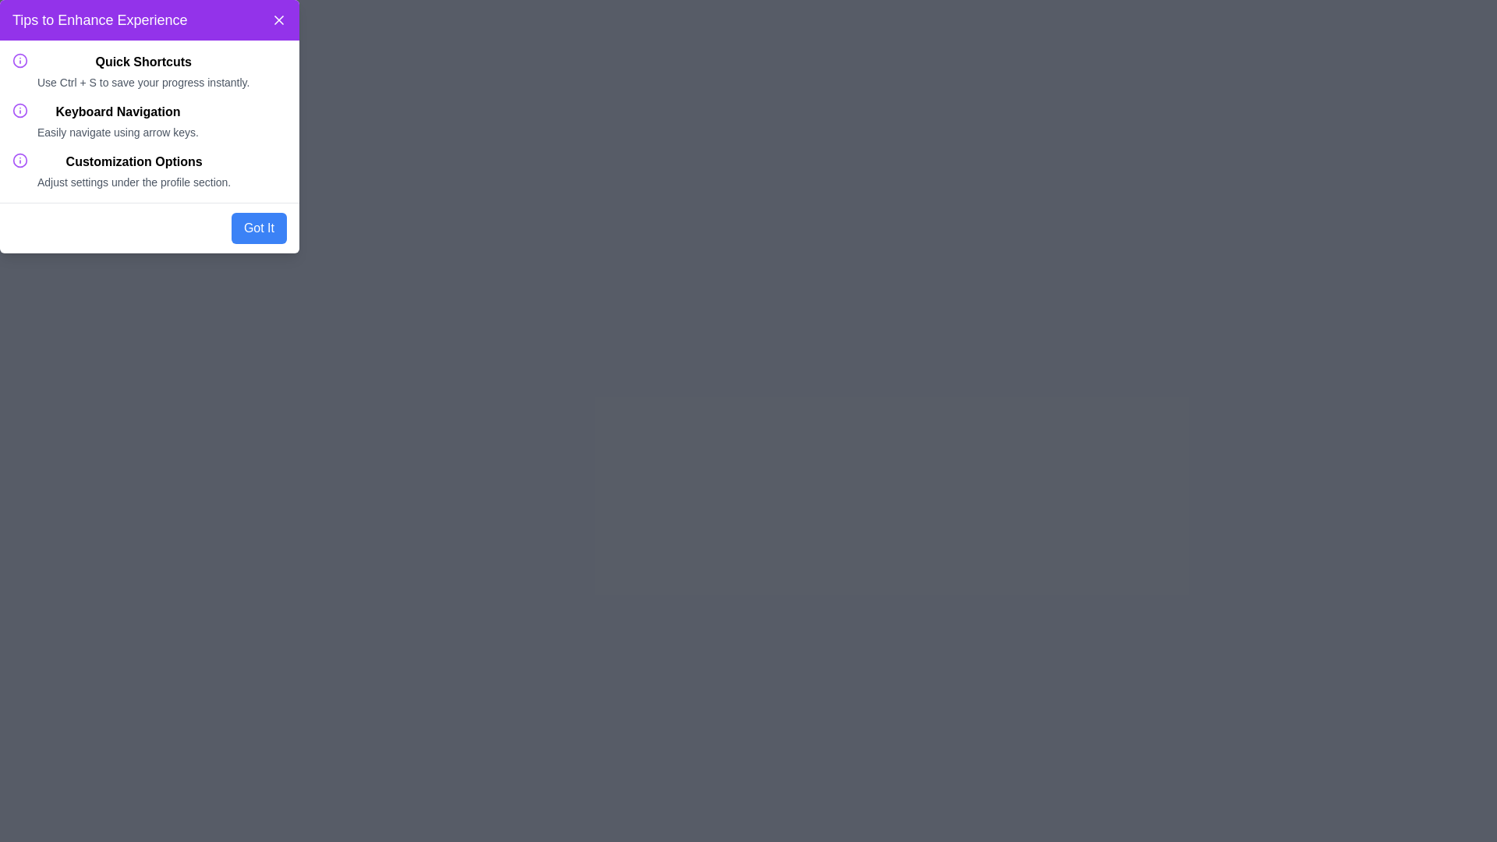 The width and height of the screenshot is (1497, 842). I want to click on the text element that labels the current section of the popup, which indicates shortcuts for quick actions, located at the top of the popup titled 'Tips to Enhance Experience', so click(143, 62).